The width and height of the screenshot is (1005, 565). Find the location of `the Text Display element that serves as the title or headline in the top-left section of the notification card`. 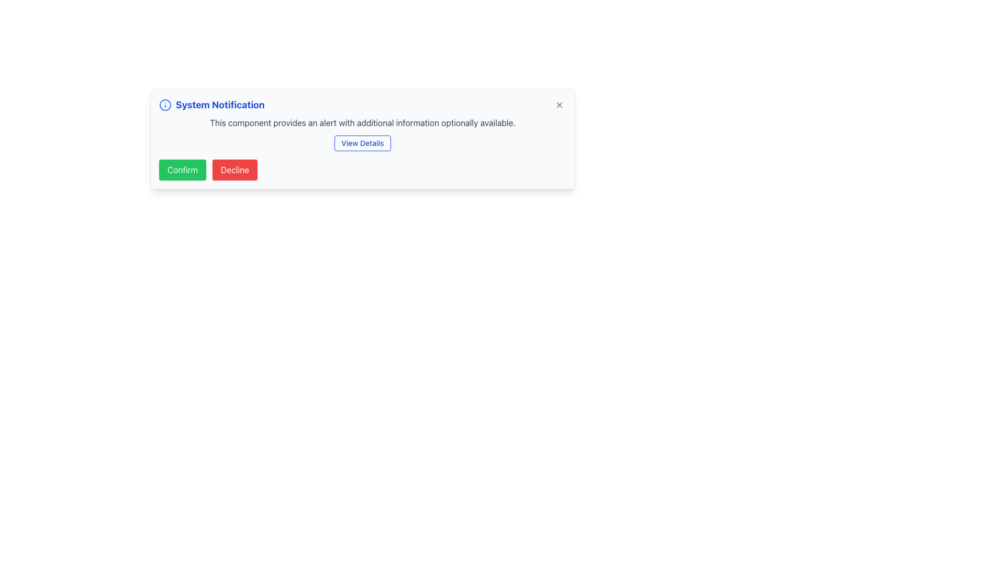

the Text Display element that serves as the title or headline in the top-left section of the notification card is located at coordinates (219, 105).